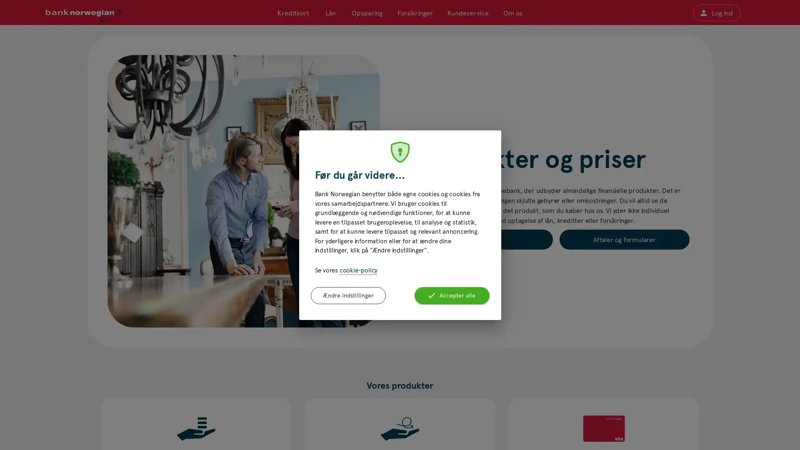  Describe the element at coordinates (467, 12) in the screenshot. I see `Kundeservice` at that location.